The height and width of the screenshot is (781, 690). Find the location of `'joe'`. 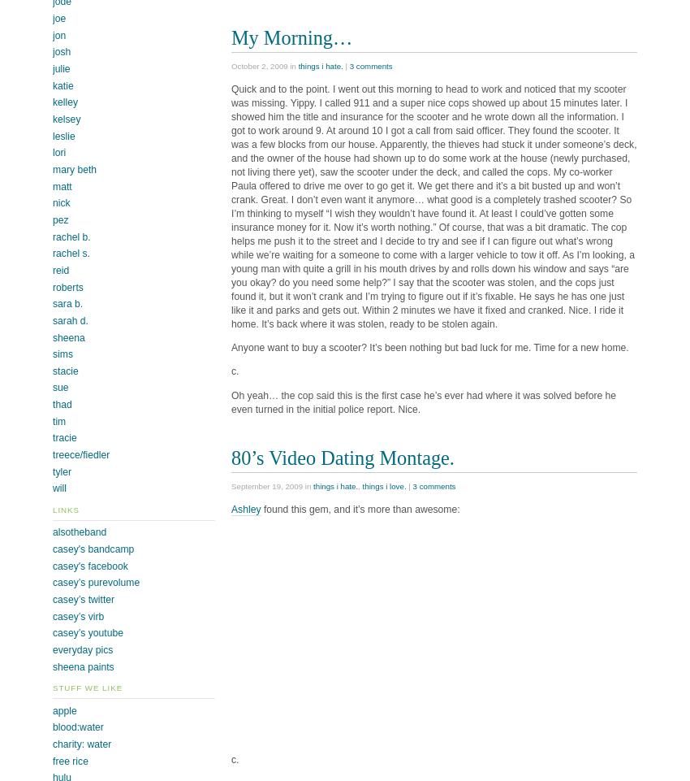

'joe' is located at coordinates (59, 17).